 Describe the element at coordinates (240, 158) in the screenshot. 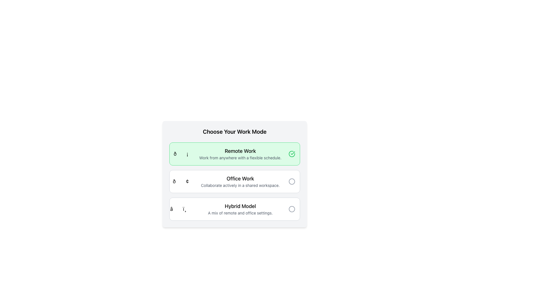

I see `text label providing details about the 'Remote Work' option located below the header in the green-highlighted section of the 'Choose Your Work Mode' interface` at that location.